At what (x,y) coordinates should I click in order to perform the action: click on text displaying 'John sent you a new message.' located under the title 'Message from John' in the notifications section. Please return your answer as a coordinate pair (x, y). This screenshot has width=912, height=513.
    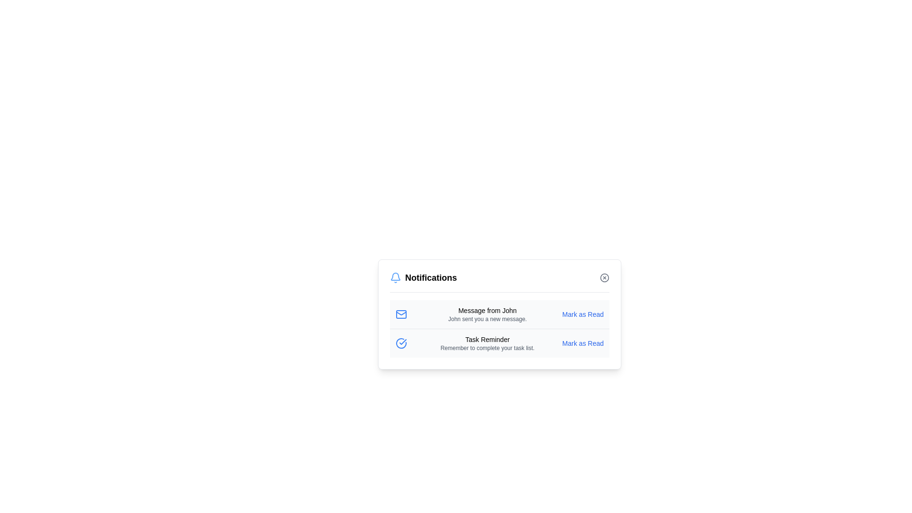
    Looking at the image, I should click on (487, 319).